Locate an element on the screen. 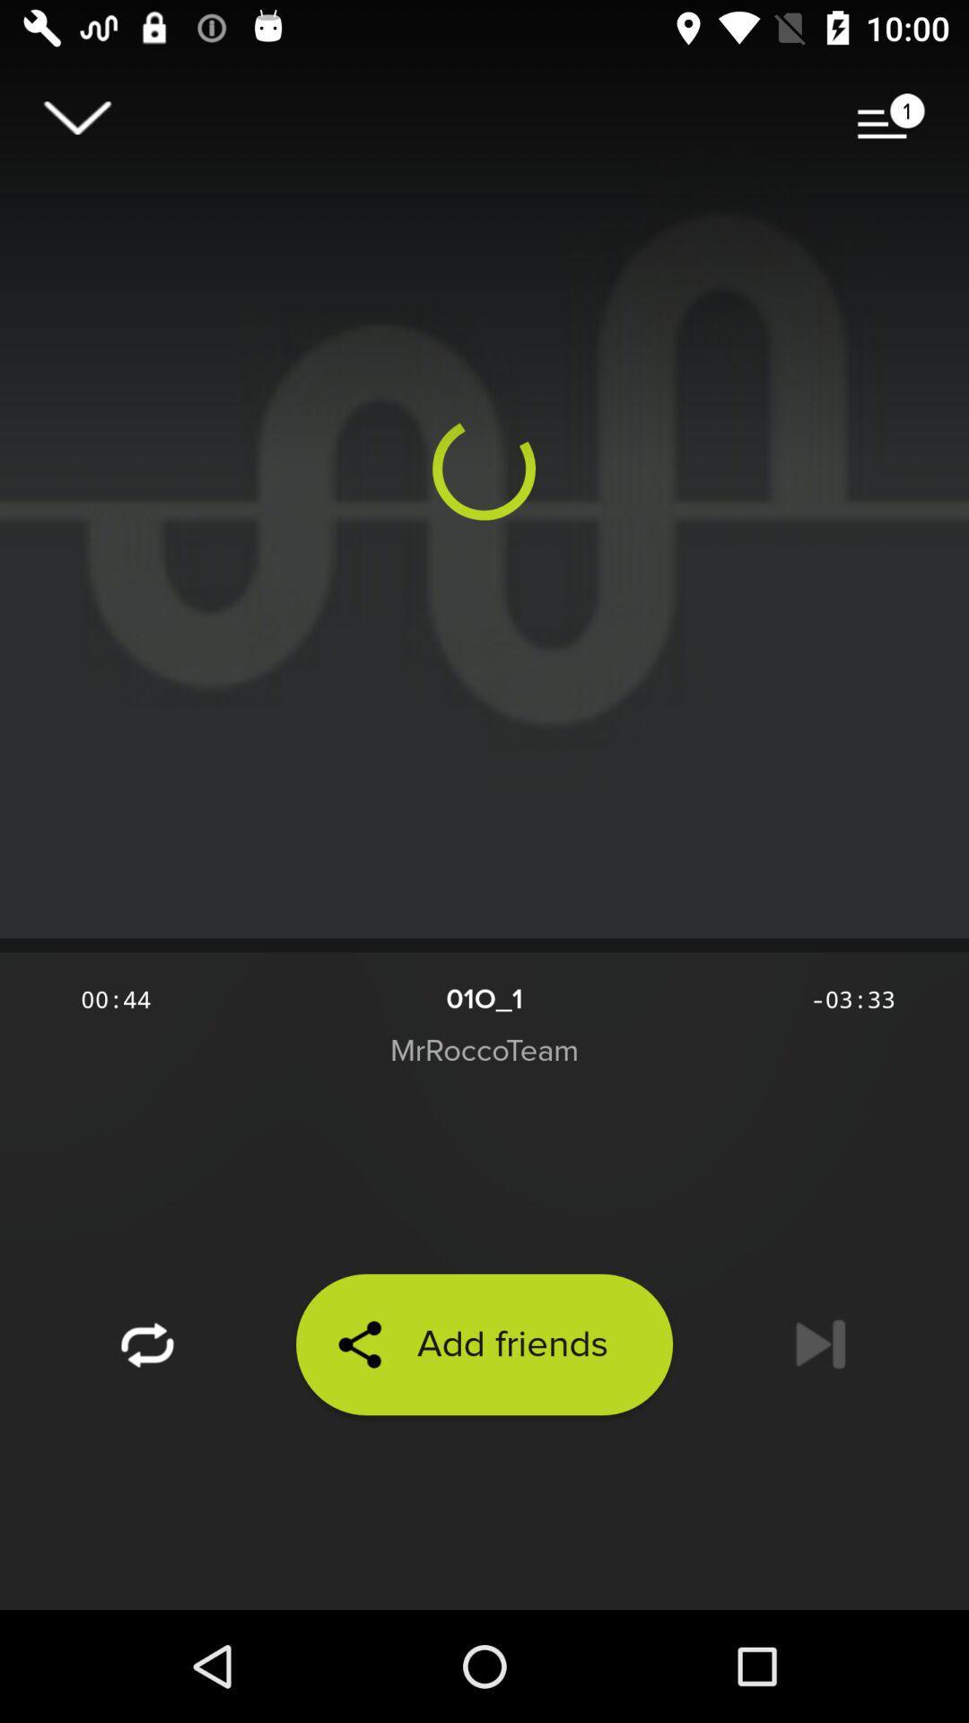 This screenshot has height=1723, width=969. the skip_next icon is located at coordinates (820, 1344).